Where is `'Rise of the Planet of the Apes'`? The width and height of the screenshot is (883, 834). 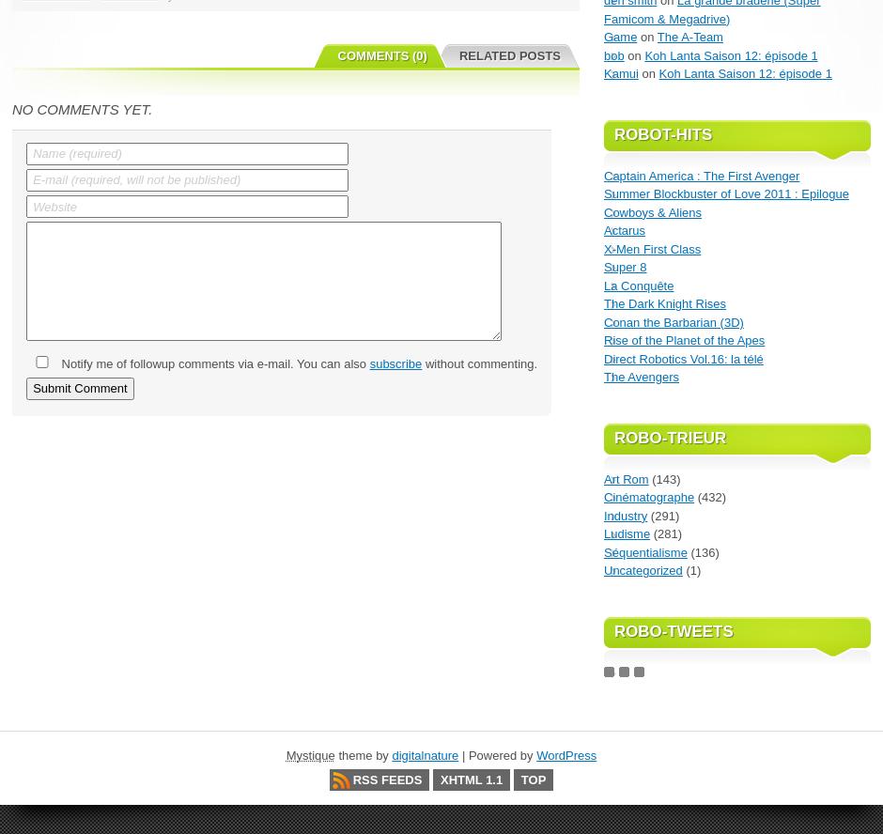
'Rise of the Planet of the Apes' is located at coordinates (684, 340).